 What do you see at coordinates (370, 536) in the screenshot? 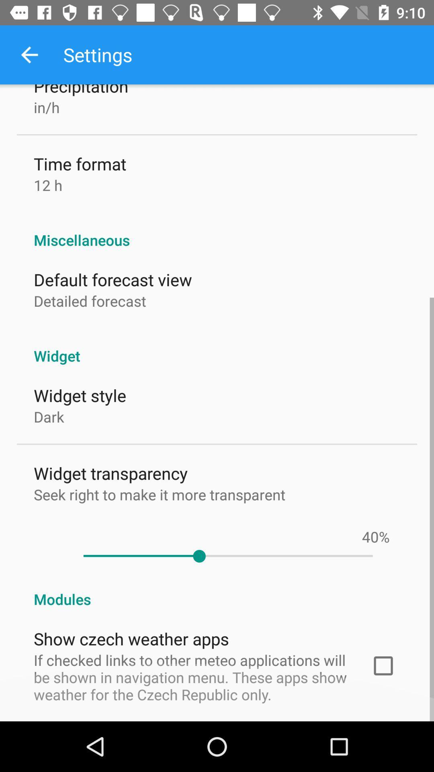
I see `item to the left of the % item` at bounding box center [370, 536].